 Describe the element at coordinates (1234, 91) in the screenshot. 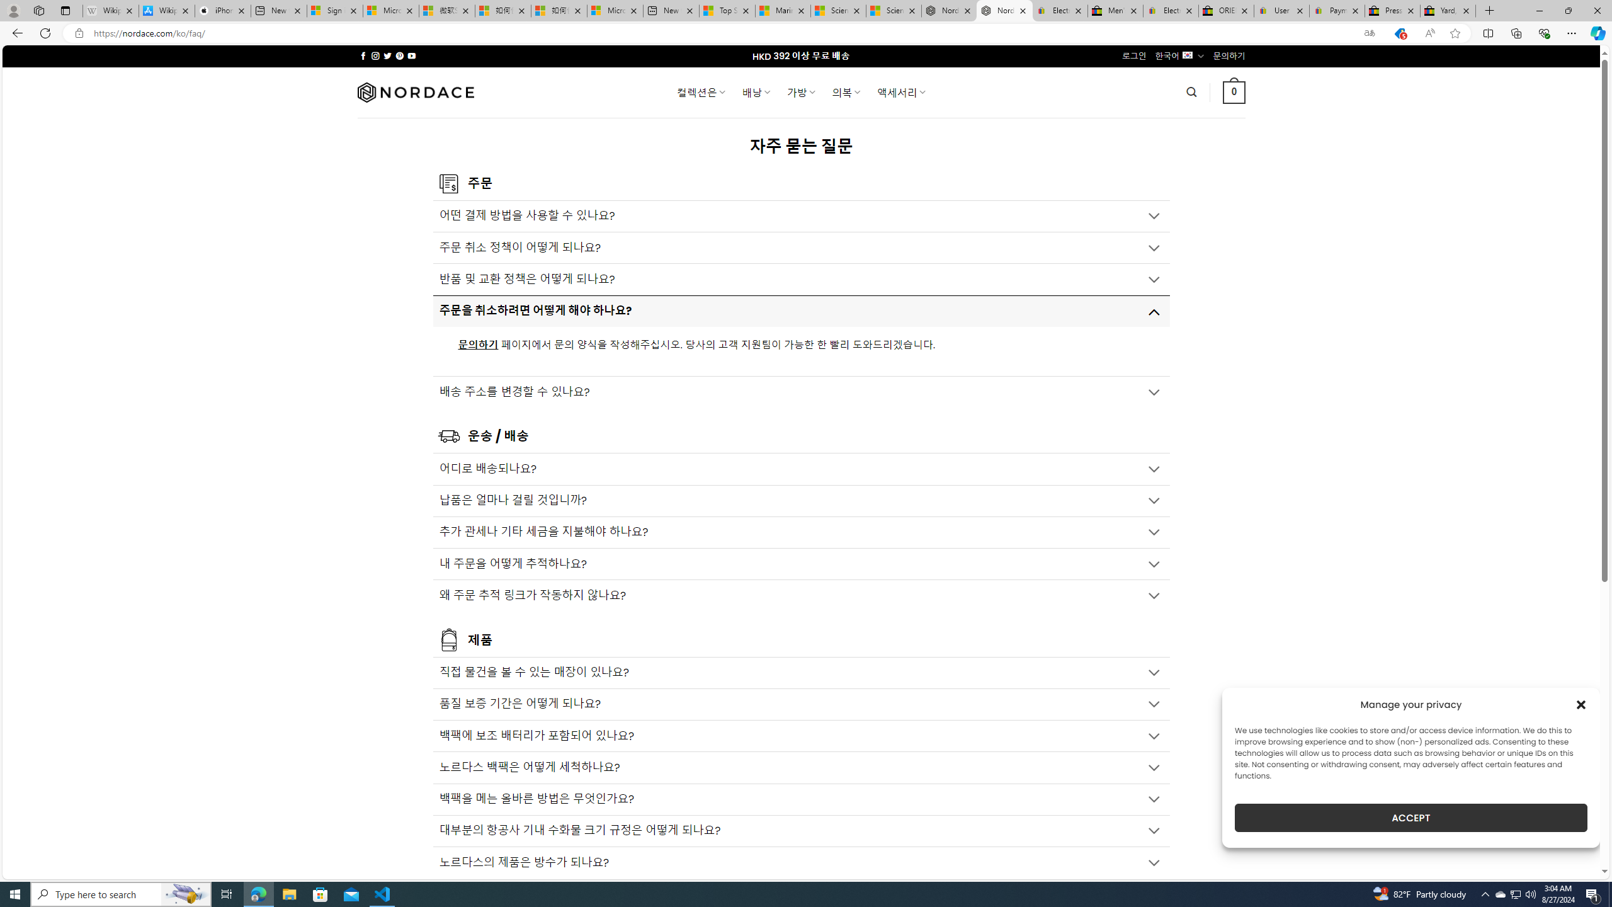

I see `' 0 '` at that location.